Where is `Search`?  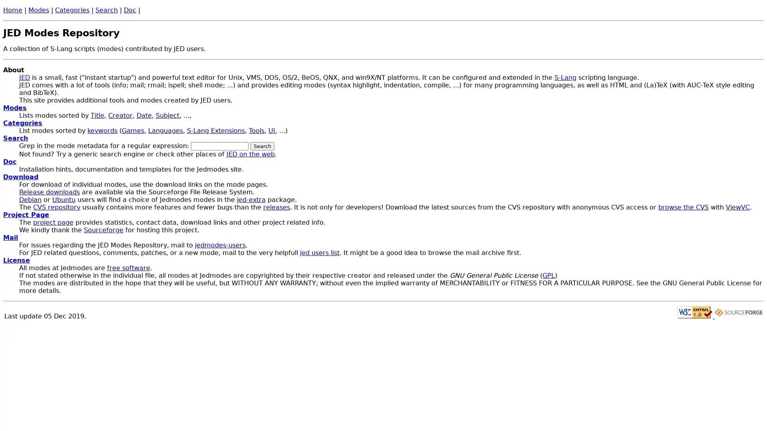 Search is located at coordinates (262, 146).